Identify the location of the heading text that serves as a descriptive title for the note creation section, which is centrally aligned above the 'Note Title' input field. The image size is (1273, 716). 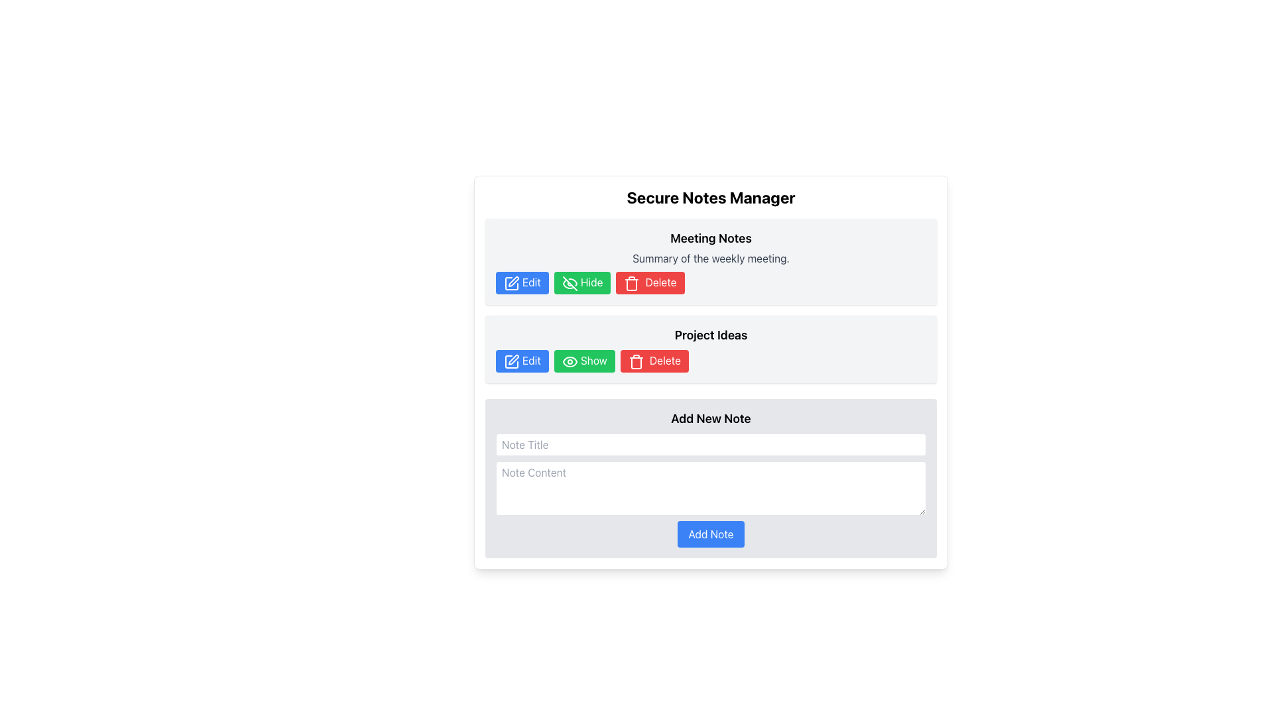
(710, 418).